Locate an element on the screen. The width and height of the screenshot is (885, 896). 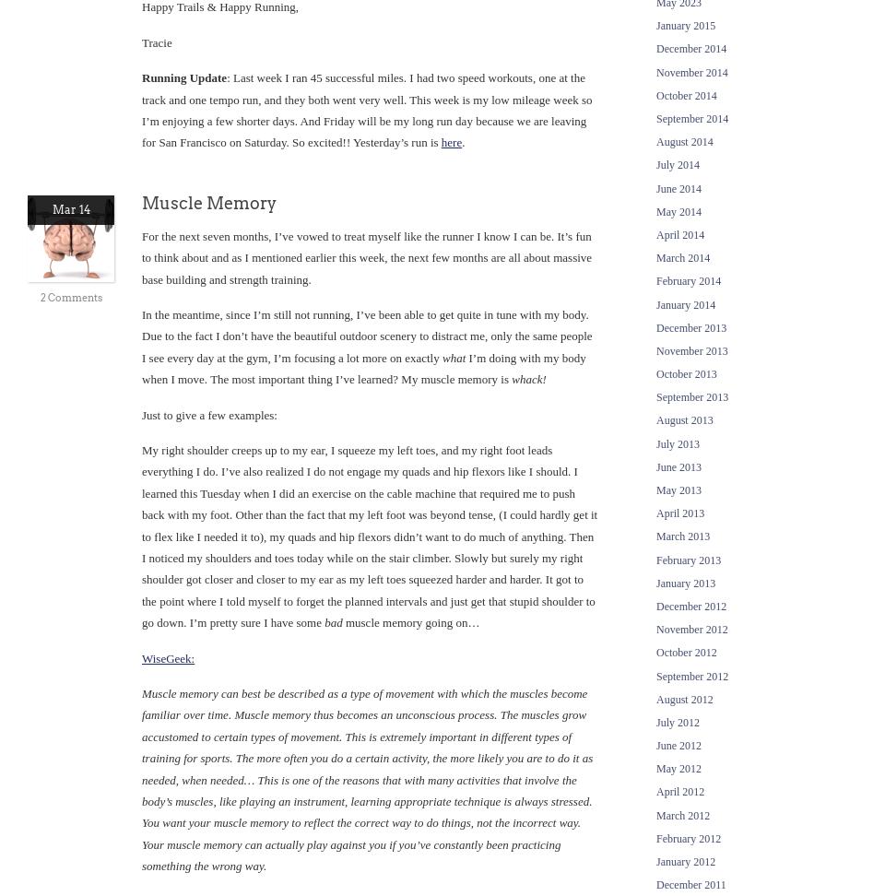
'December 2011' is located at coordinates (690, 884).